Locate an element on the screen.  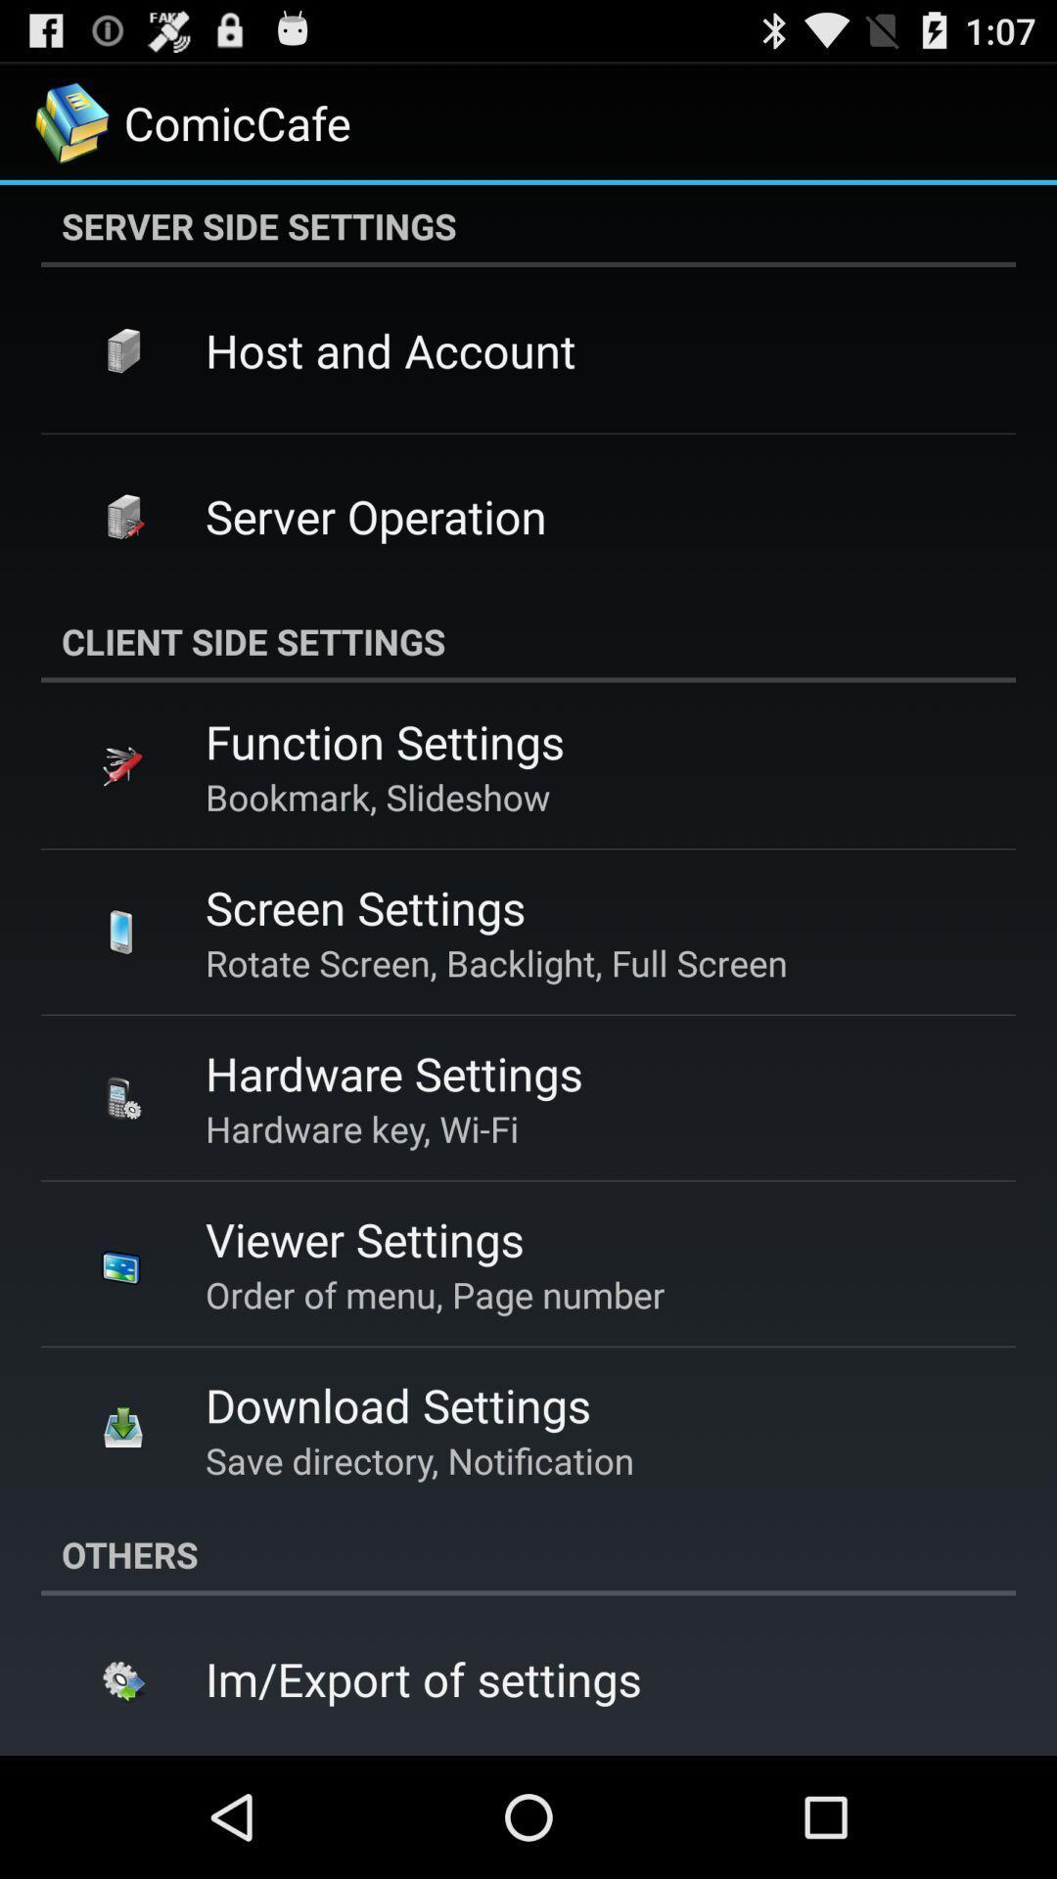
the app below client side settings app is located at coordinates (385, 740).